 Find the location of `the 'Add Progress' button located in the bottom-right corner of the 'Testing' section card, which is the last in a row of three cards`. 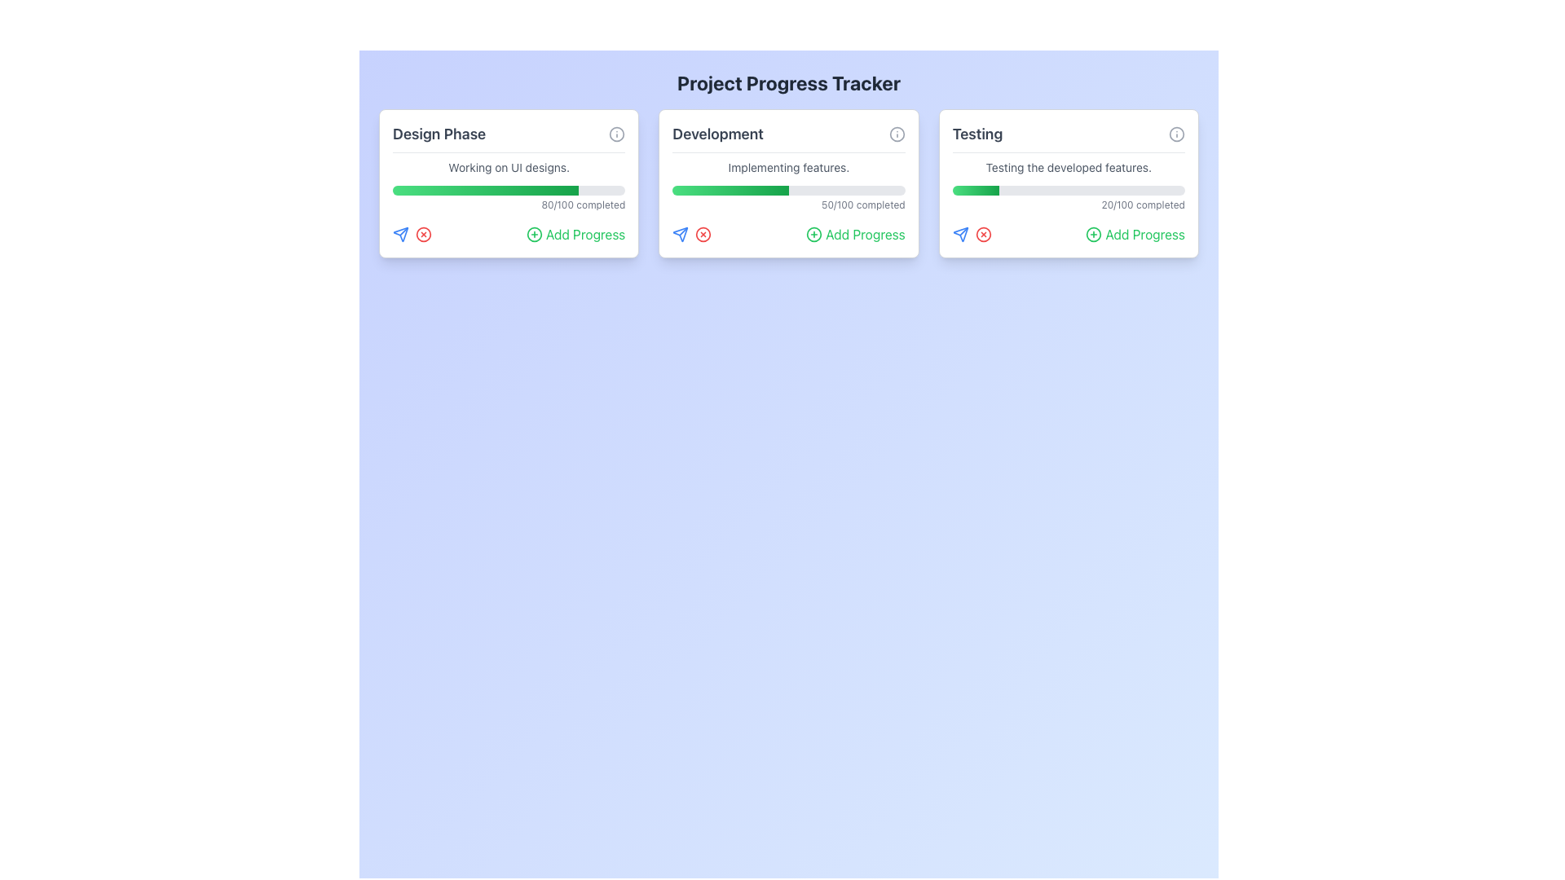

the 'Add Progress' button located in the bottom-right corner of the 'Testing' section card, which is the last in a row of three cards is located at coordinates (1069, 235).